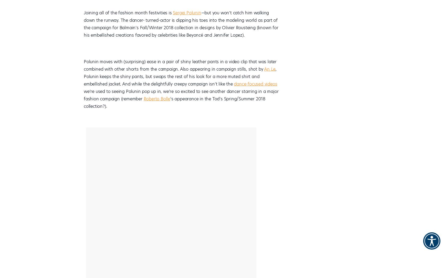 The width and height of the screenshot is (446, 278). Describe the element at coordinates (174, 102) in the screenshot. I see `'‘s appearance in the Tod’s Spring/Summer 2018 collection?).'` at that location.